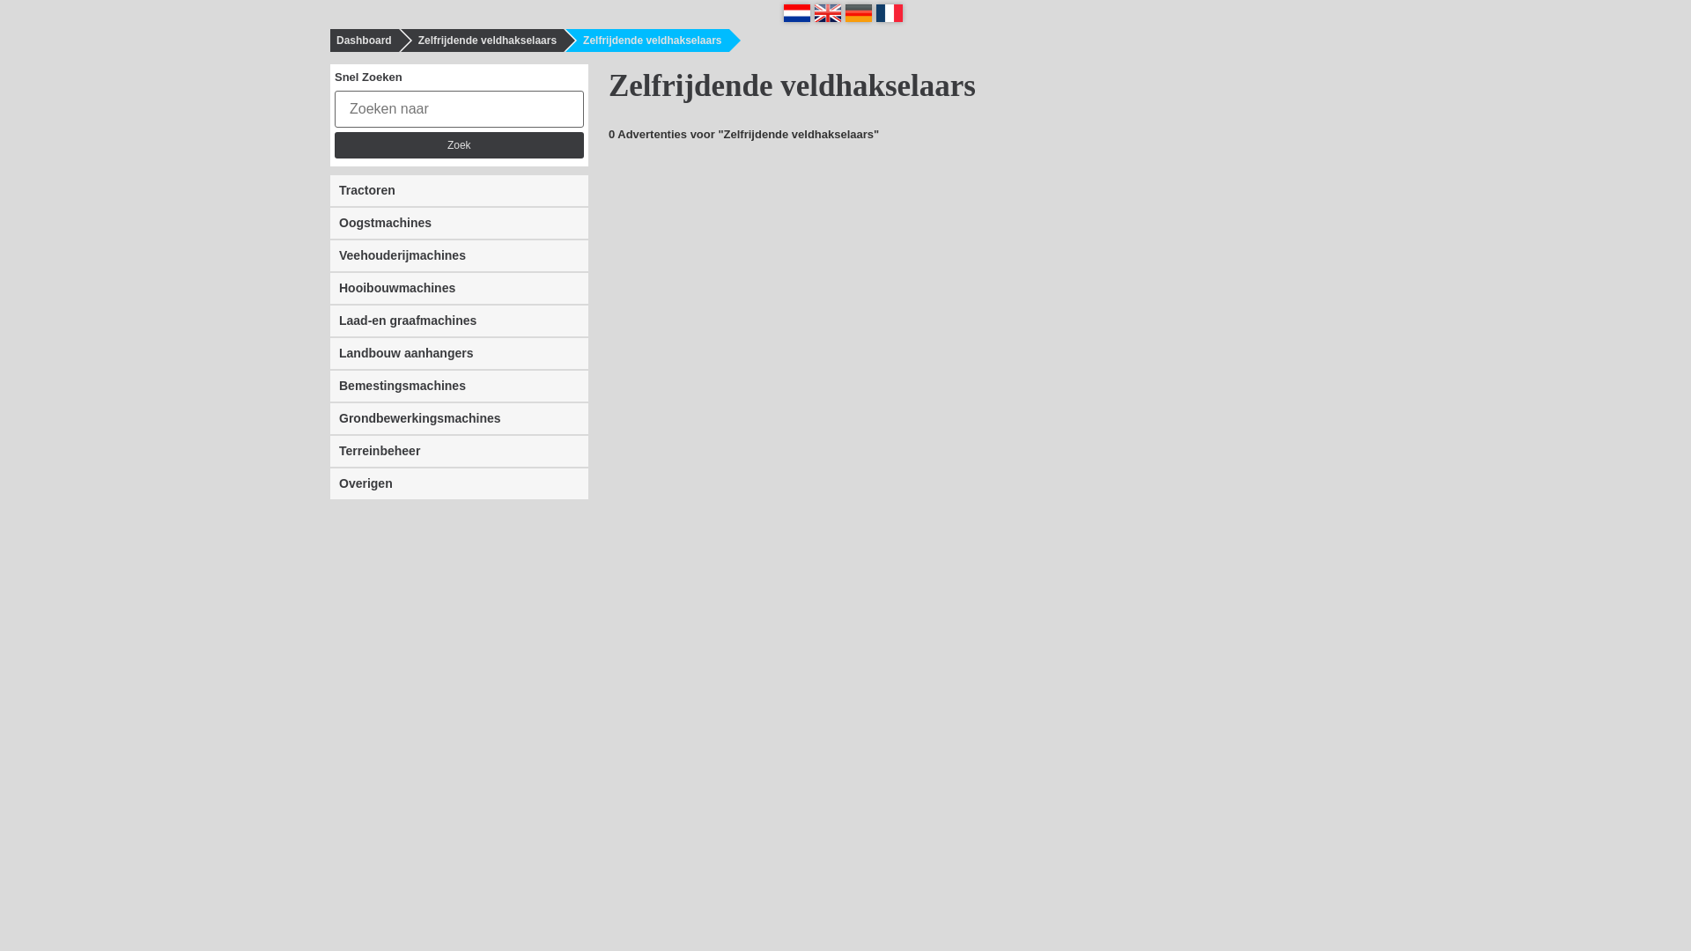  Describe the element at coordinates (459, 353) in the screenshot. I see `'Landbouw aanhangers'` at that location.